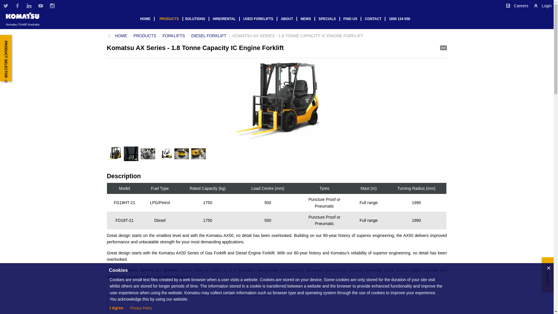 The height and width of the screenshot is (314, 558). Describe the element at coordinates (226, 19) in the screenshot. I see `'HIRE/RENTAL'` at that location.